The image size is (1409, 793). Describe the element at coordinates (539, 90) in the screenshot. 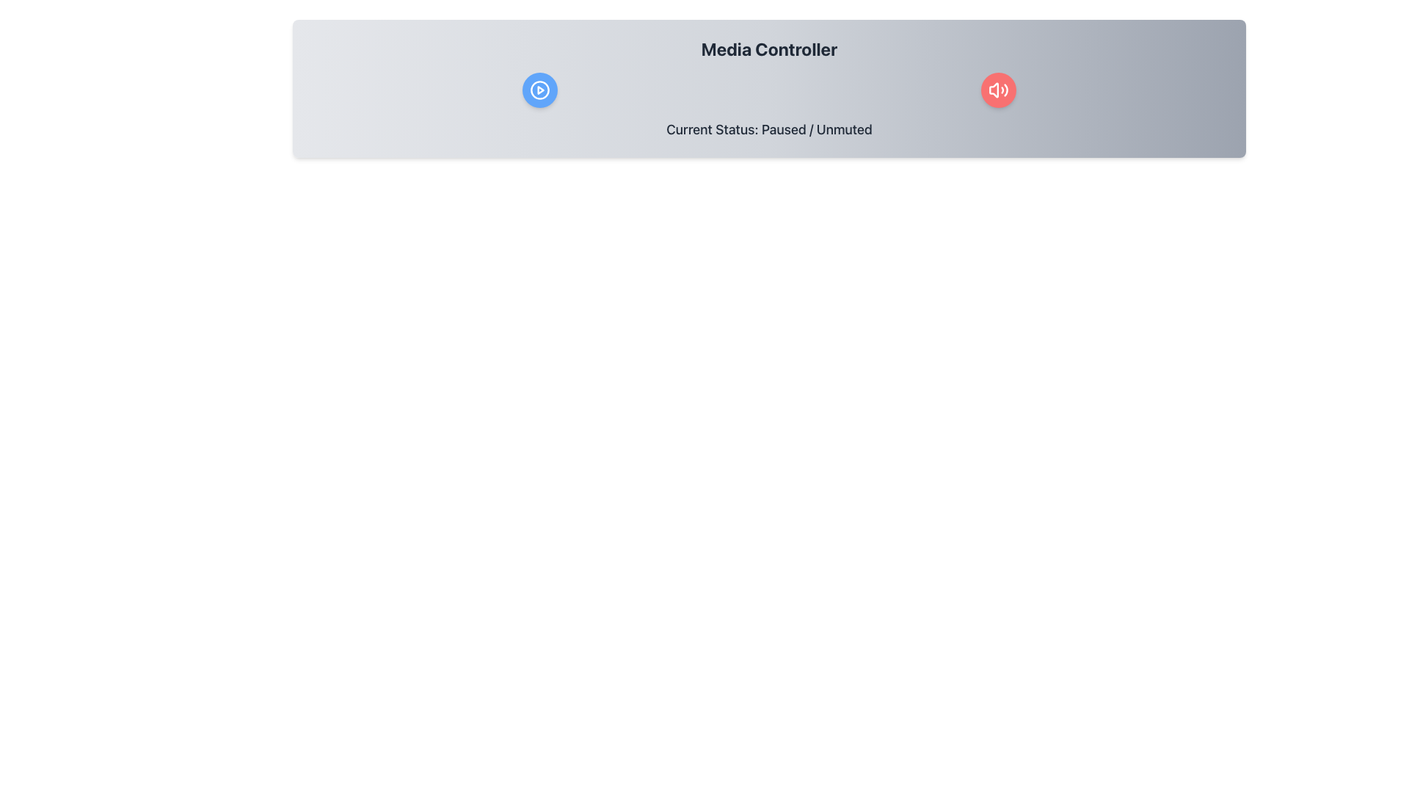

I see `the triangular play icon located at the center of the circular button on the left side of the toolbar to initiate action` at that location.